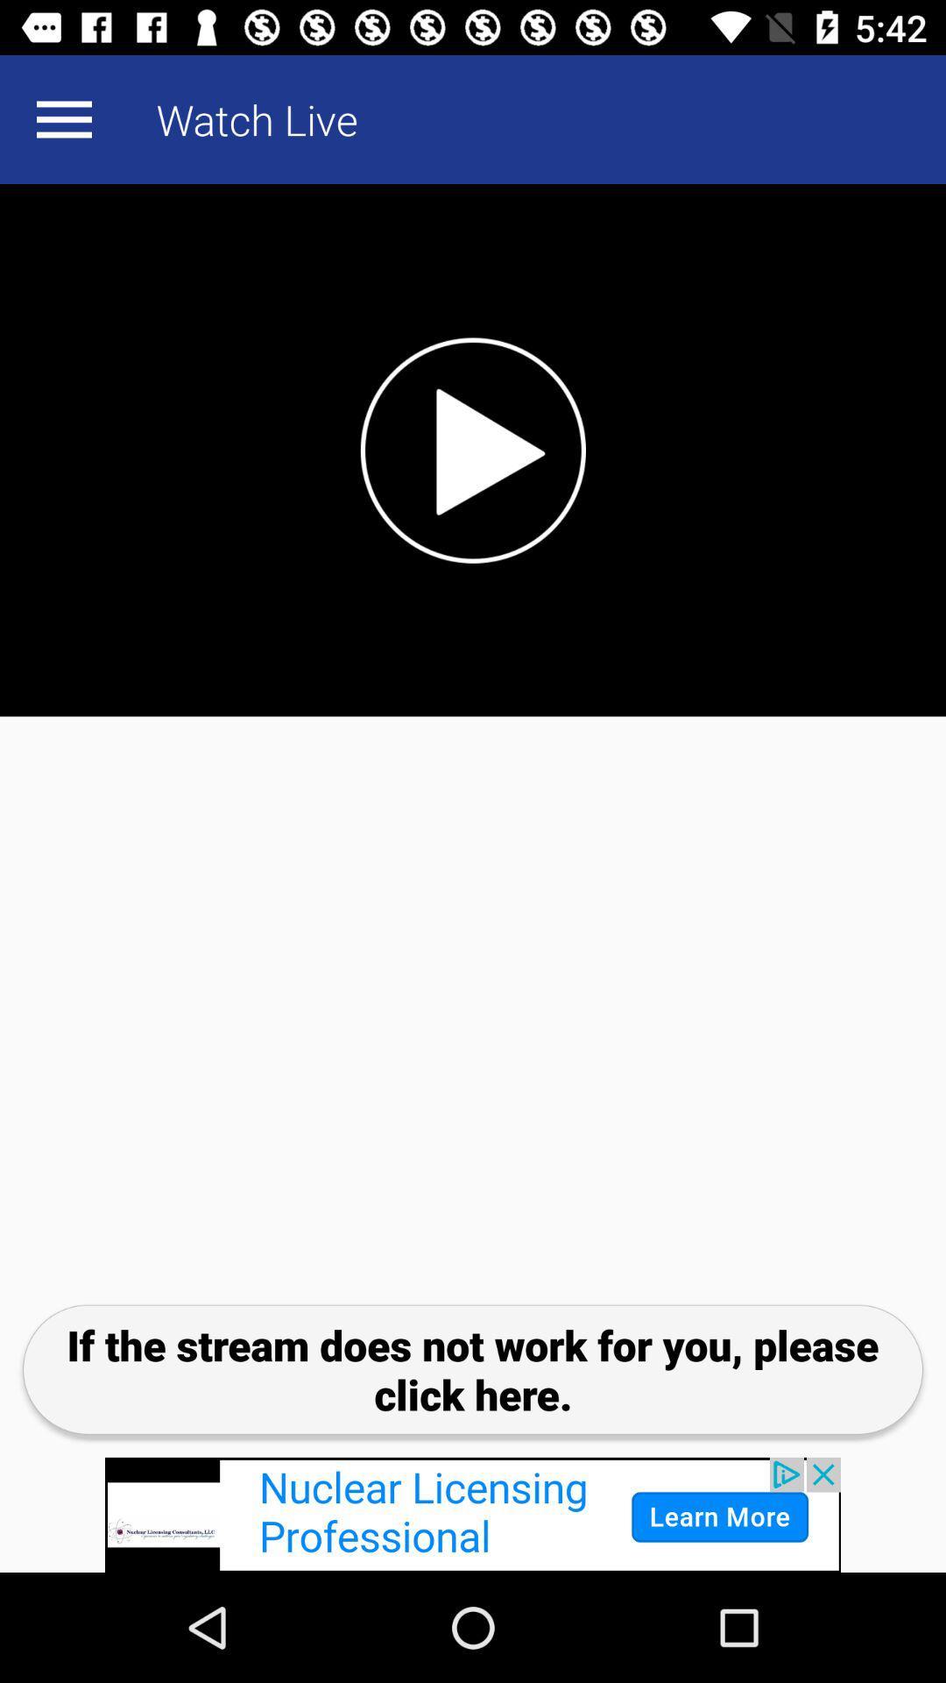 Image resolution: width=946 pixels, height=1683 pixels. Describe the element at coordinates (473, 450) in the screenshot. I see `video play button` at that location.